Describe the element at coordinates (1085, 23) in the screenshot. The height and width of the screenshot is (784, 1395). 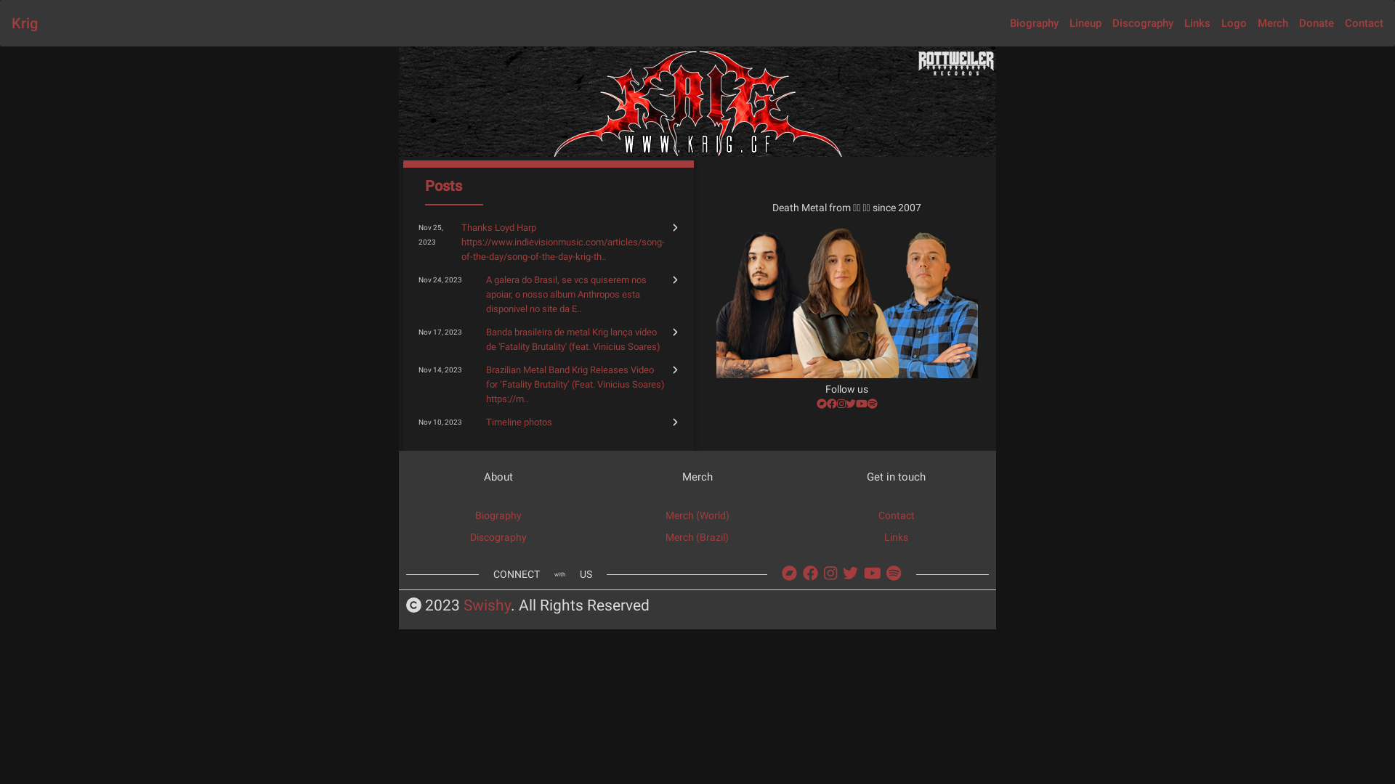
I see `'Lineup'` at that location.